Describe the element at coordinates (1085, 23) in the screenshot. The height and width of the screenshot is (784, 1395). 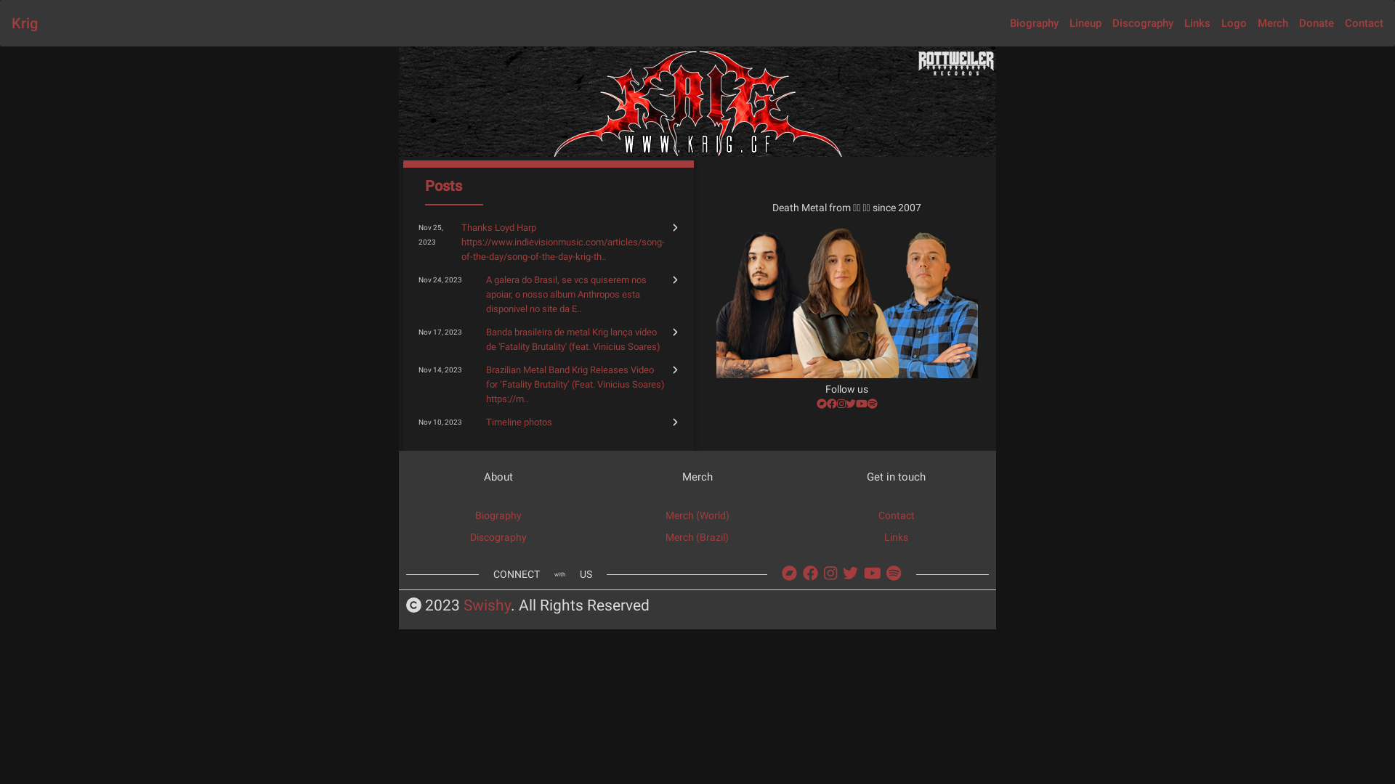
I see `'Lineup'` at that location.